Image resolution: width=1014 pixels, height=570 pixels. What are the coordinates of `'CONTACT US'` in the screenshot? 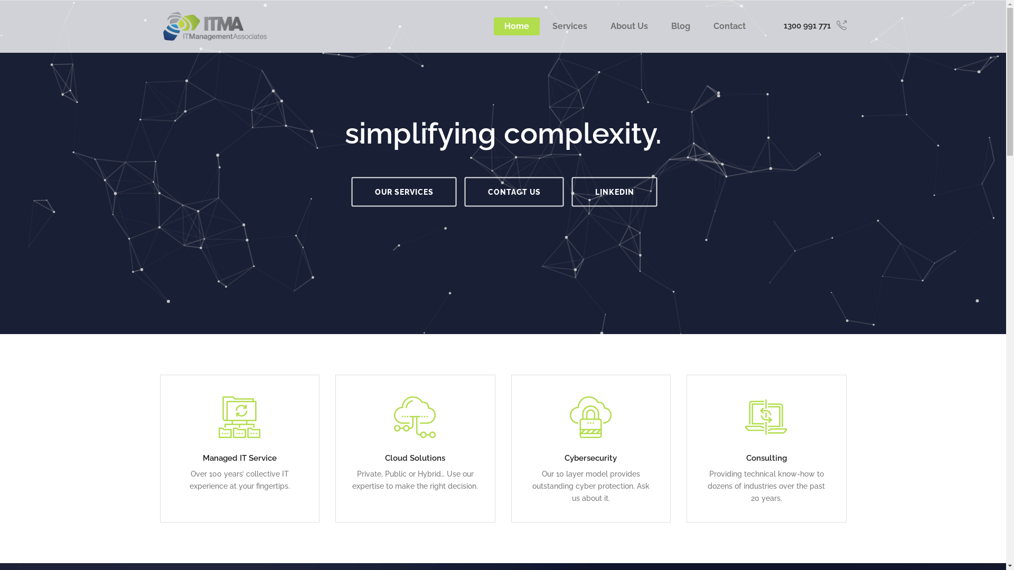 It's located at (514, 191).